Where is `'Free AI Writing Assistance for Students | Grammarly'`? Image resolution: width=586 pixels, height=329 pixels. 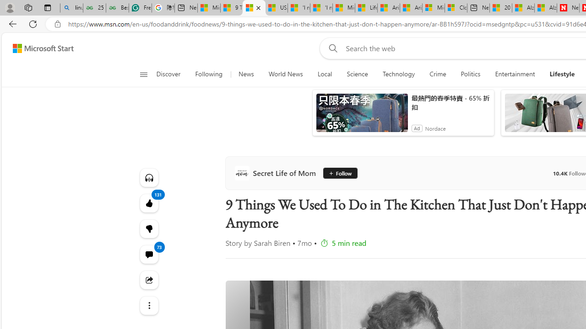 'Free AI Writing Assistance for Students | Grammarly' is located at coordinates (140, 8).